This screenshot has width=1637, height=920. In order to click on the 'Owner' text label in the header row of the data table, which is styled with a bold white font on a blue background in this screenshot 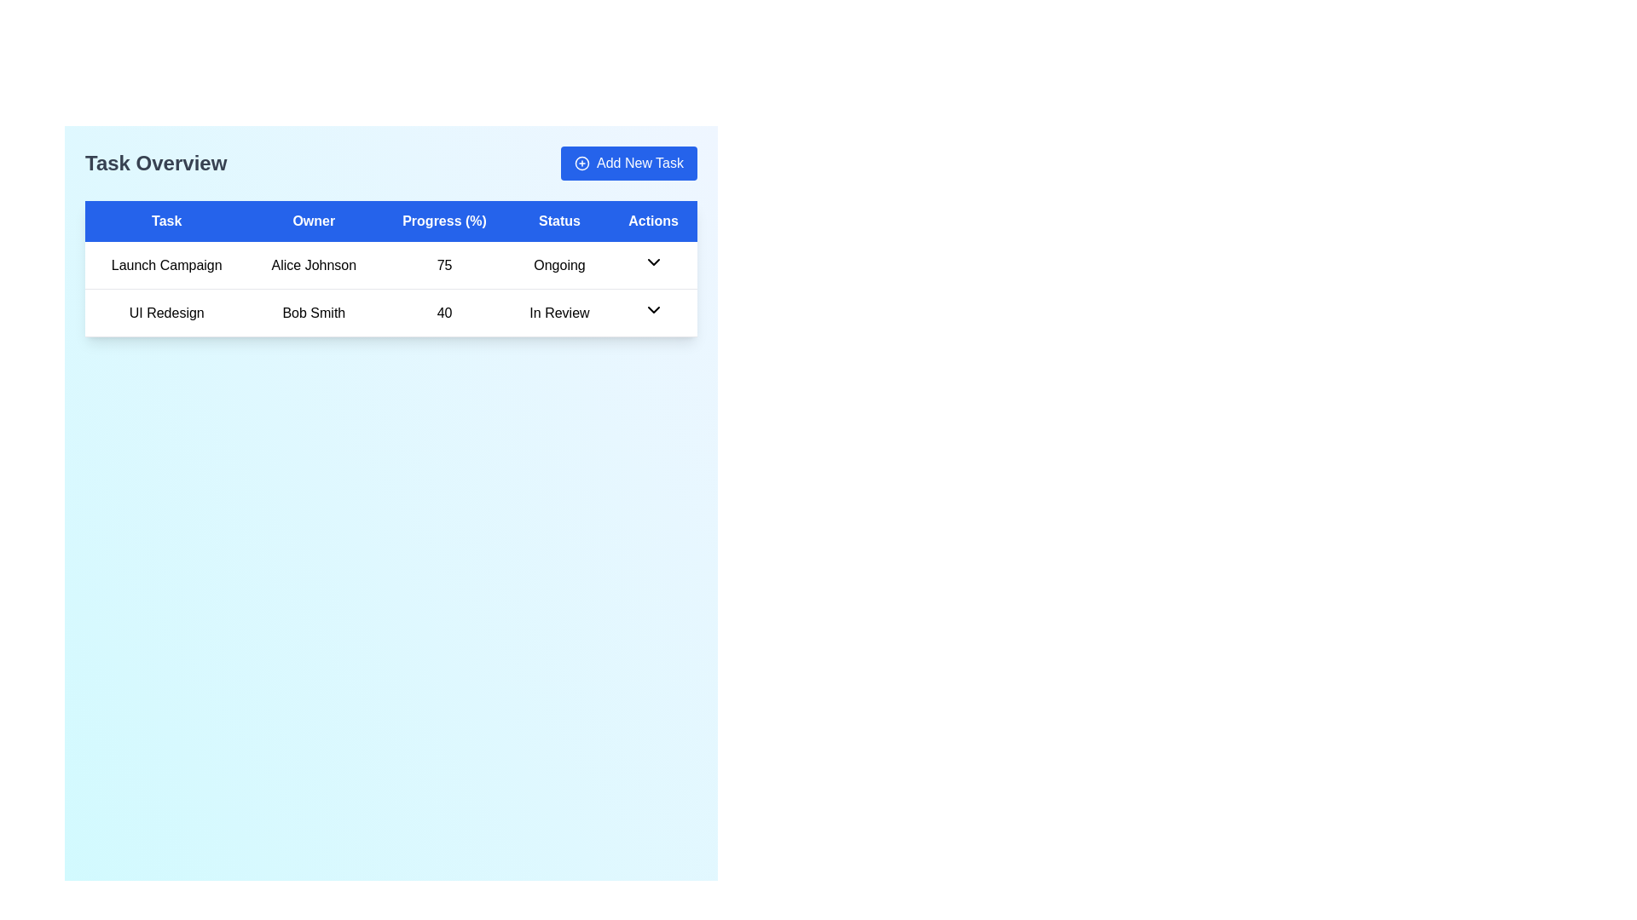, I will do `click(314, 220)`.